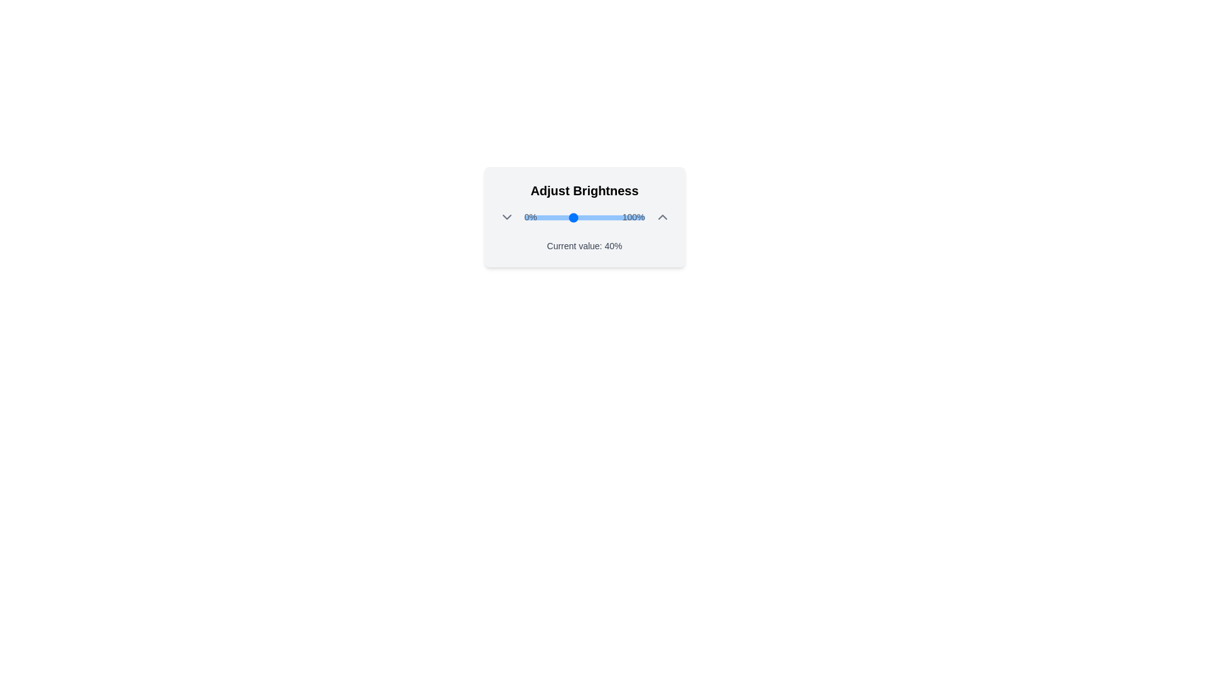 This screenshot has height=678, width=1205. What do you see at coordinates (546, 217) in the screenshot?
I see `brightness` at bounding box center [546, 217].